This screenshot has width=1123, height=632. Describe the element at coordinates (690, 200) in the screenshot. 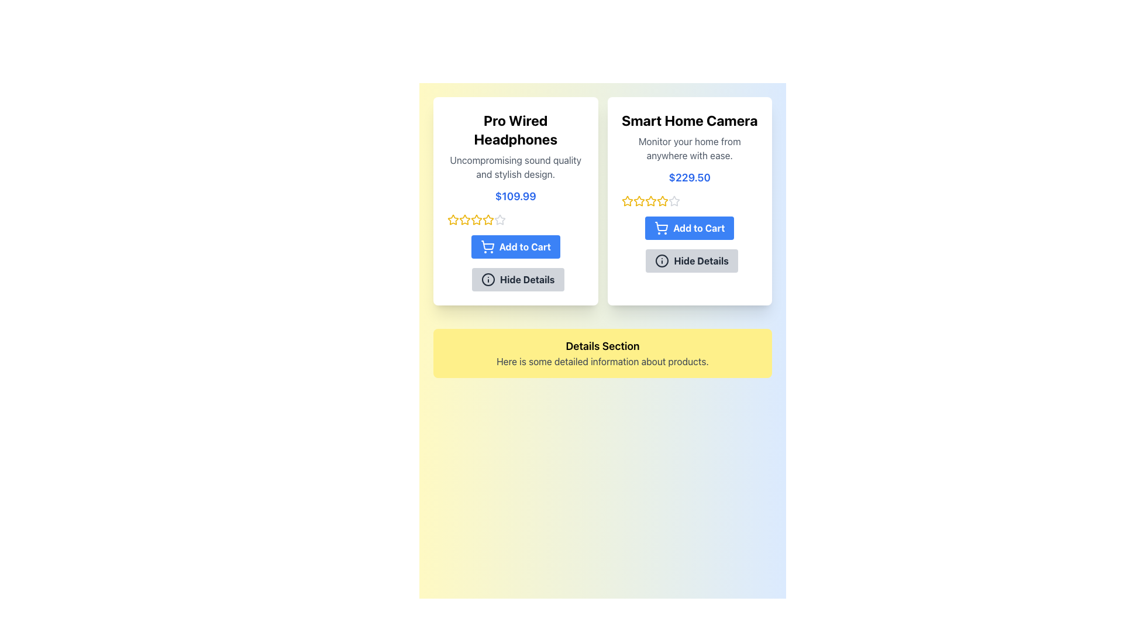

I see `each star in the rating component located below the price caption '$229.50' and above the 'Add to Cart' button for the 'Smart Home Camera' product` at that location.